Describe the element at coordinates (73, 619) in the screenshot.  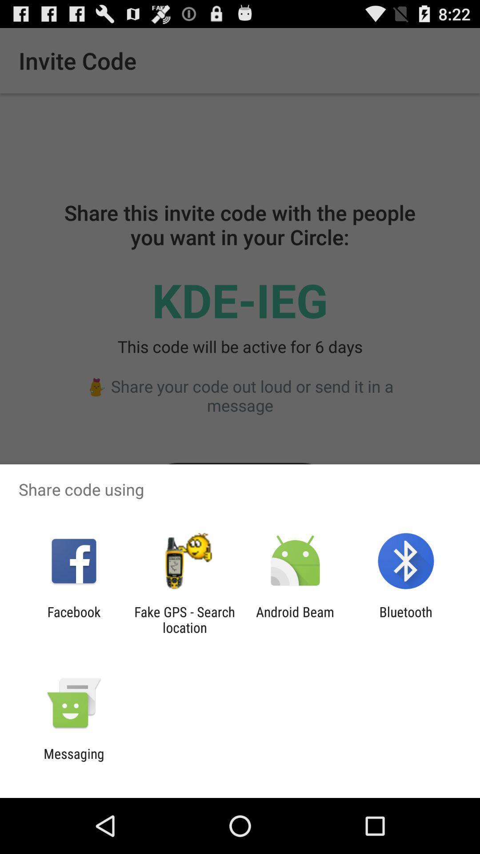
I see `the facebook item` at that location.